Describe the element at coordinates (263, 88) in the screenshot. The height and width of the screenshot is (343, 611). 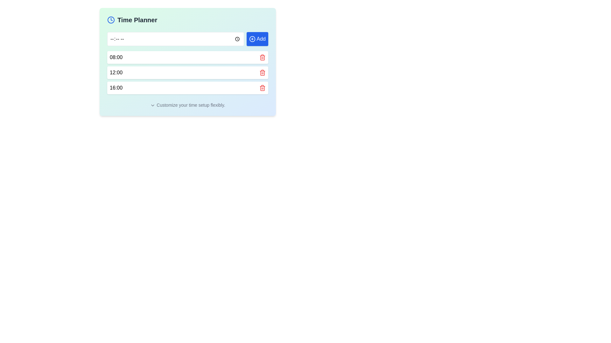
I see `the delete button for the 16:00 time entry to observe visual feedback` at that location.